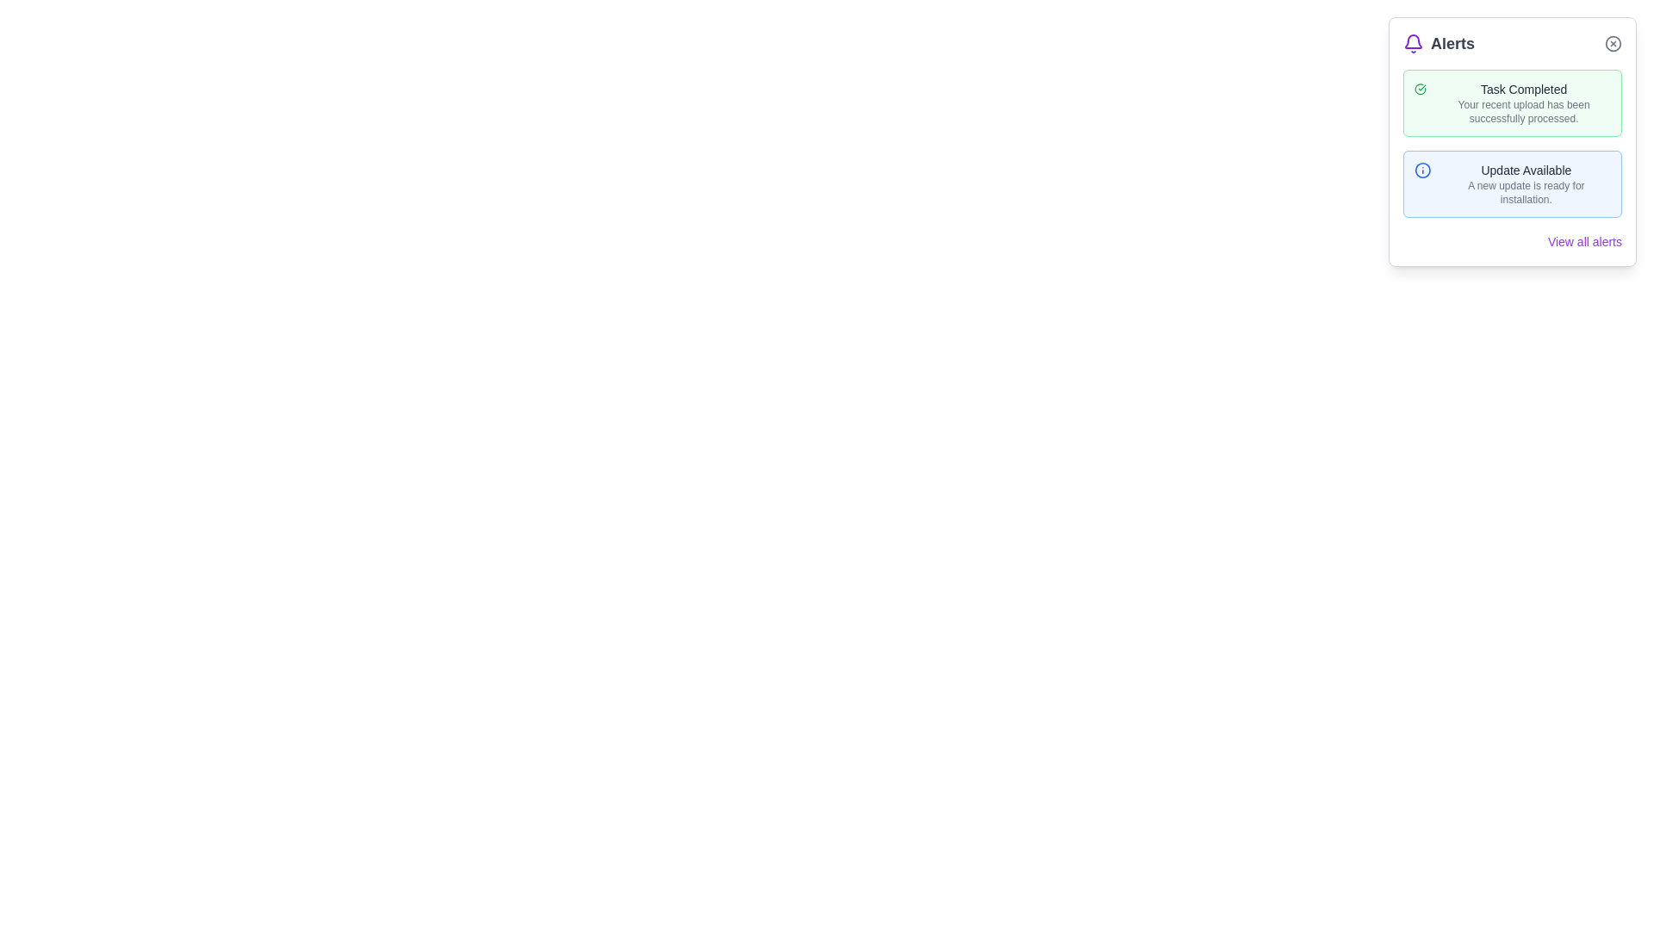 Image resolution: width=1654 pixels, height=930 pixels. Describe the element at coordinates (1524, 112) in the screenshot. I see `informational message from the Text Label indicating that the recent upload has been successfully processed, located in the notification panel labeled 'Alerts' under the 'Task Completed' header` at that location.